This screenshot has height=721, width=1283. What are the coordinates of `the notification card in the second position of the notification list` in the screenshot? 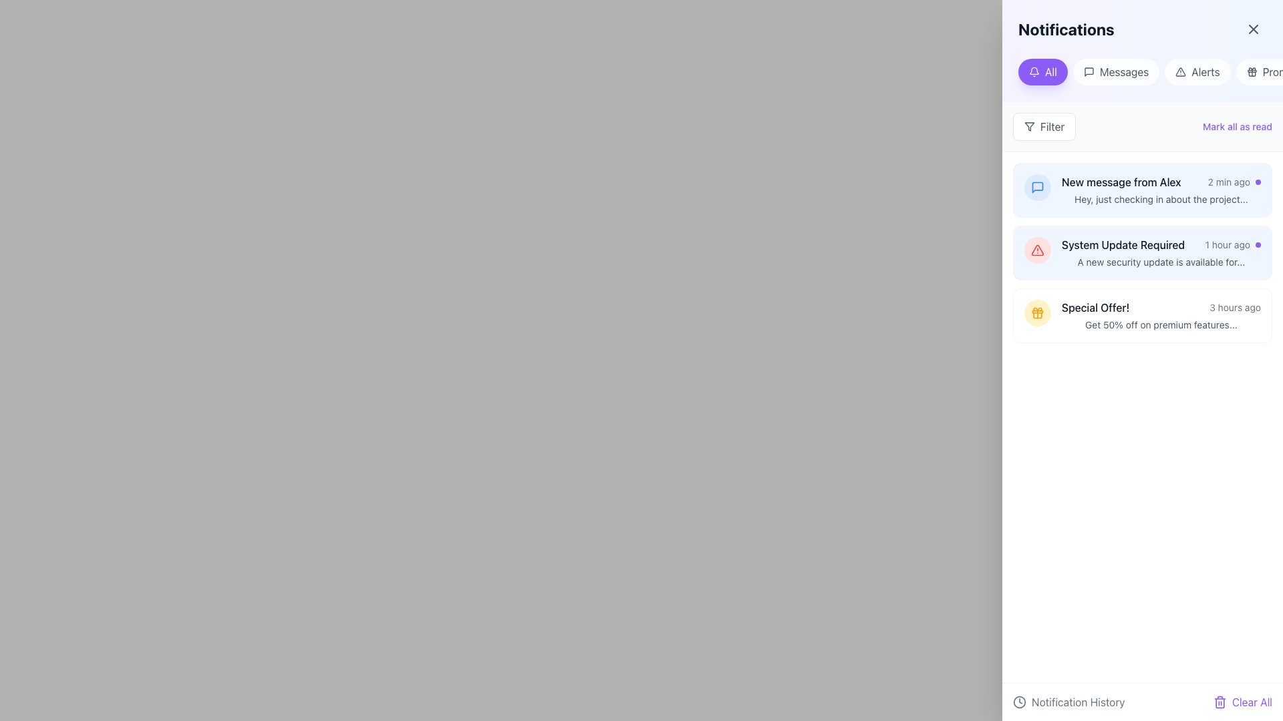 It's located at (1160, 252).